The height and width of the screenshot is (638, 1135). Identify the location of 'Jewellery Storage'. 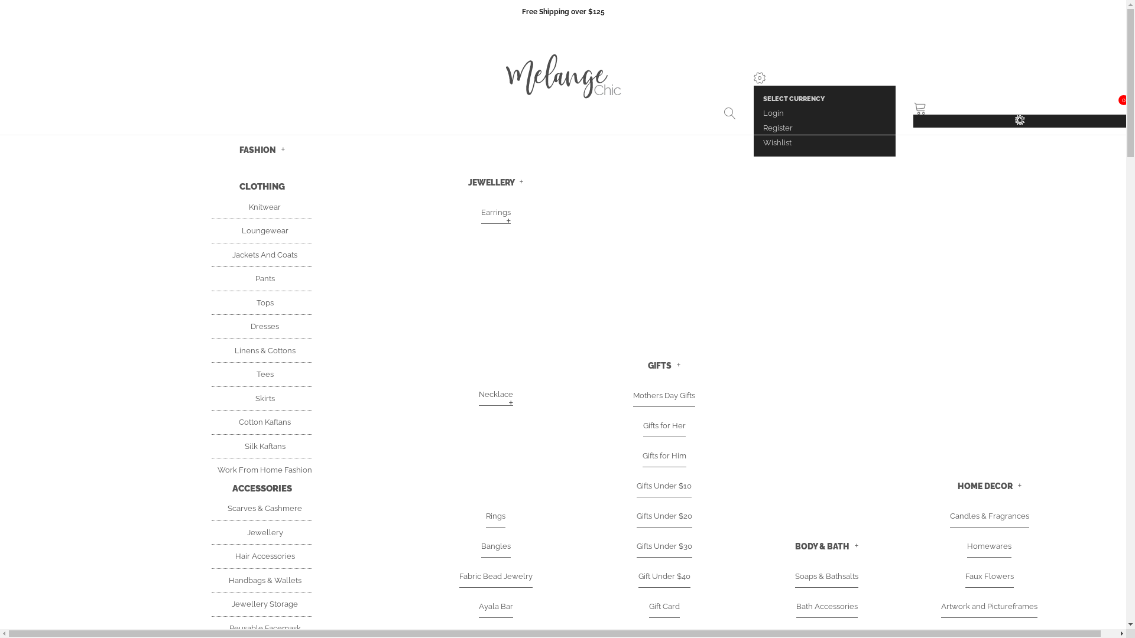
(261, 604).